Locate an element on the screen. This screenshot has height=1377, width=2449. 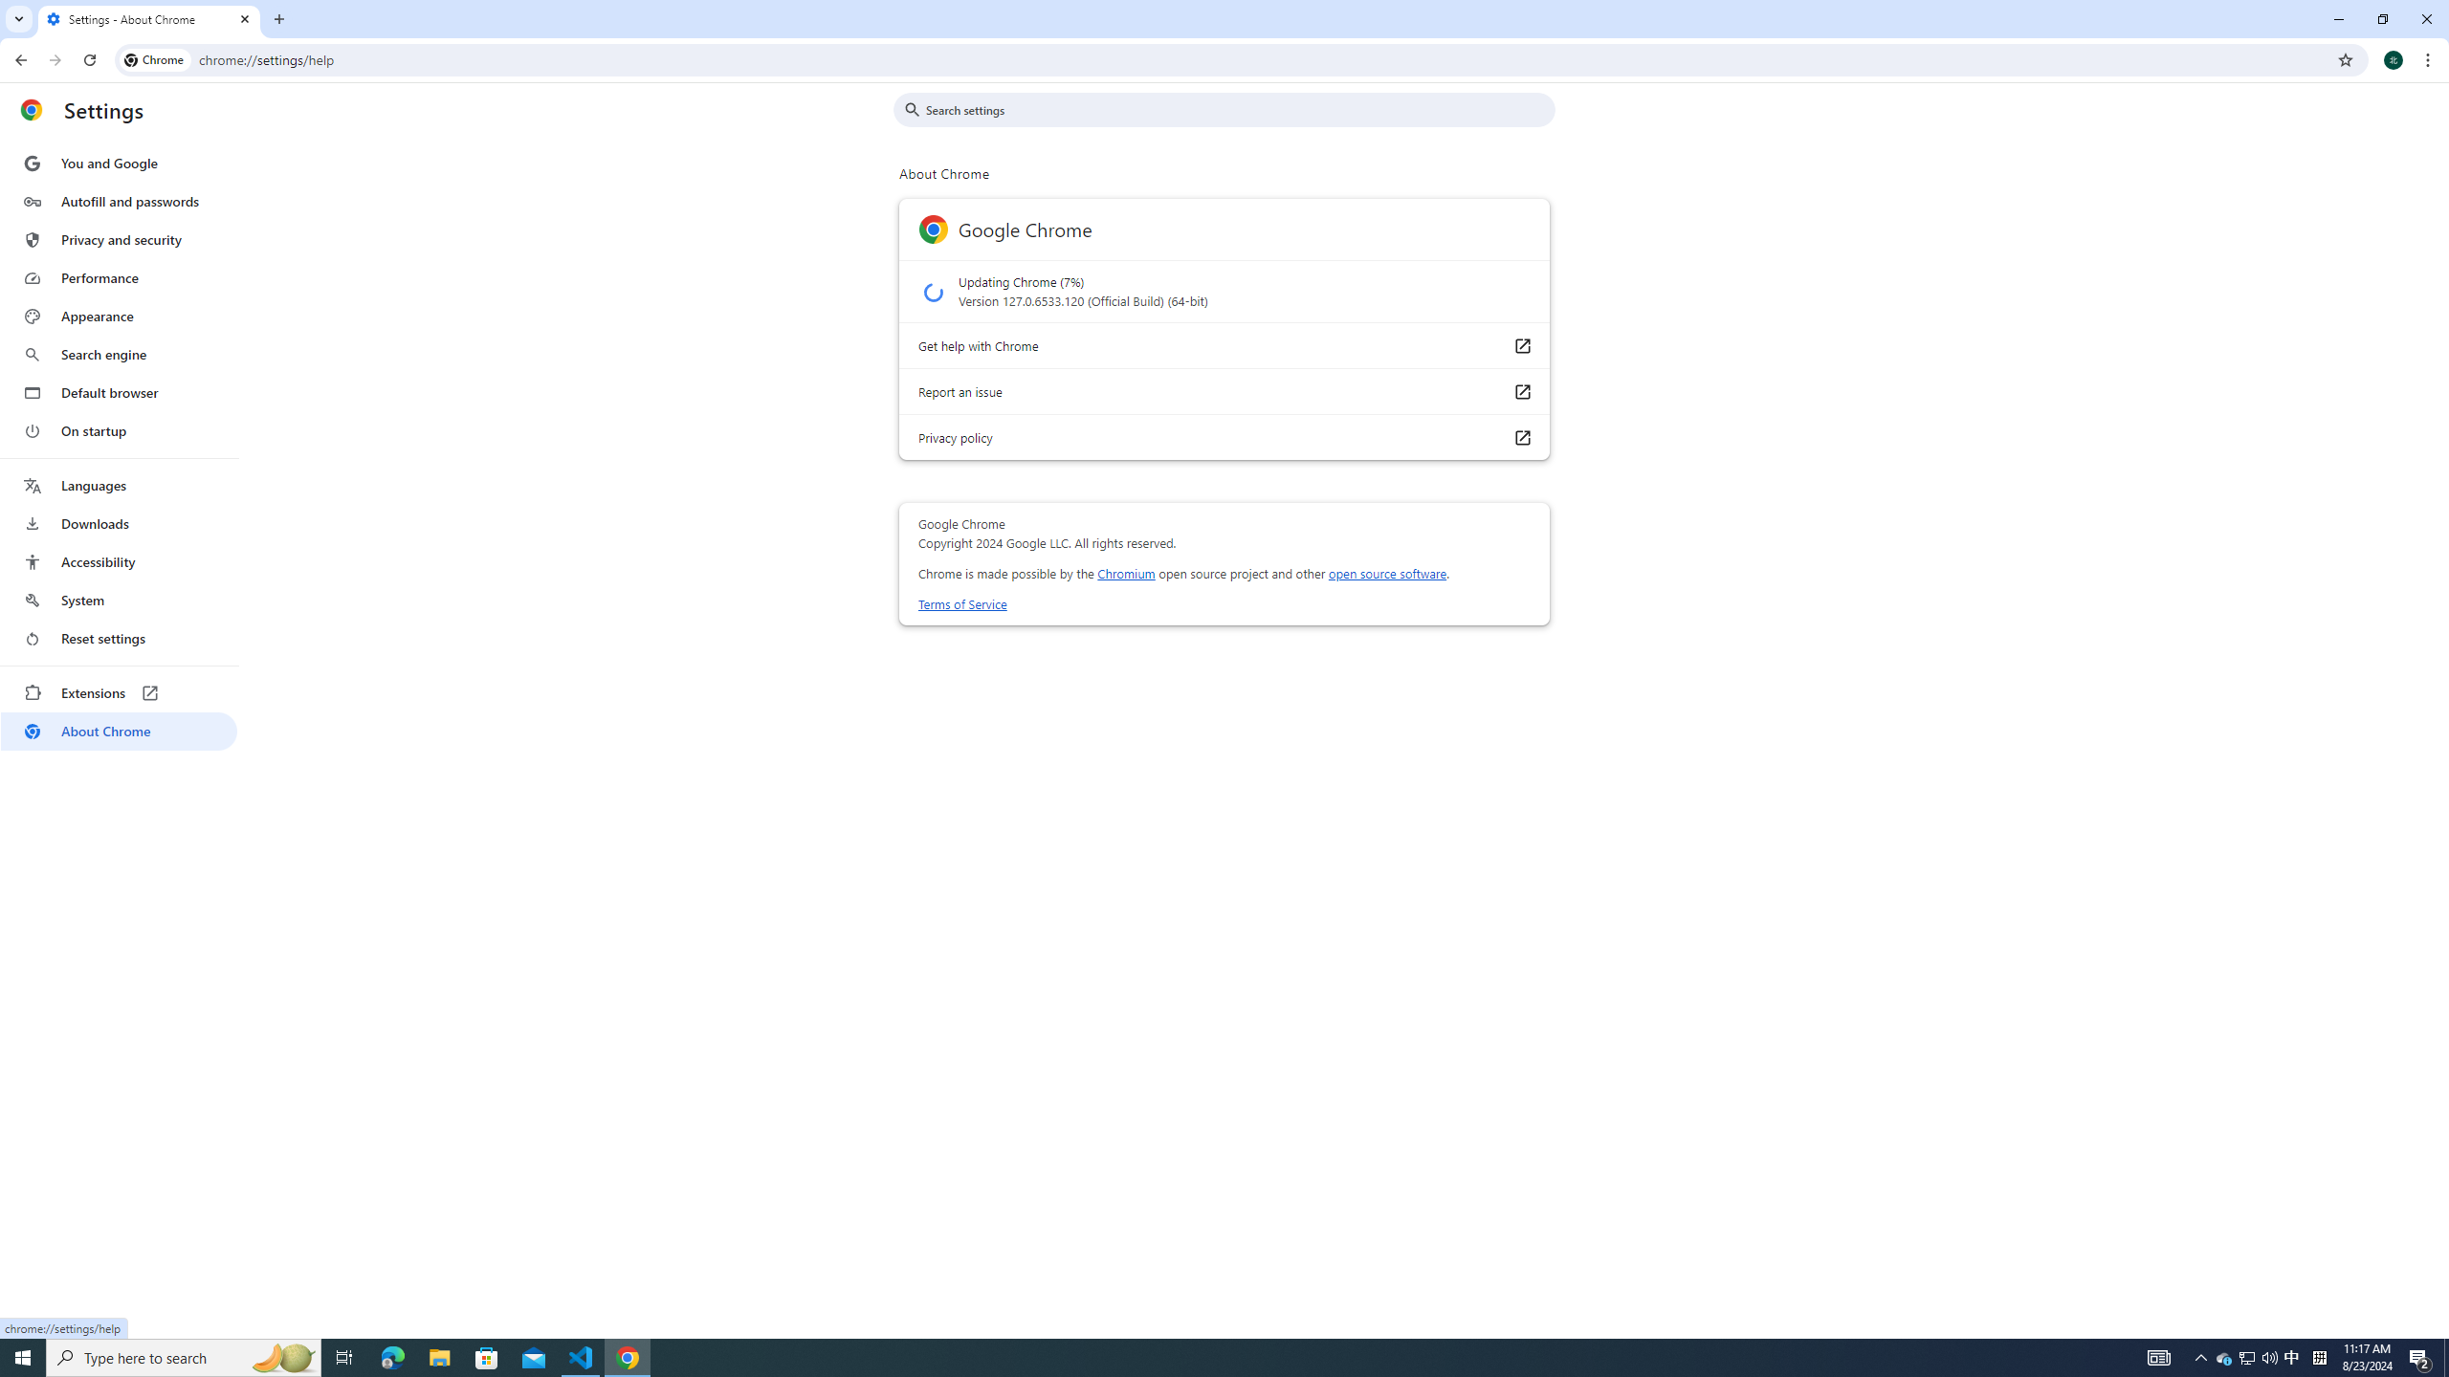
'Reset settings' is located at coordinates (118, 638).